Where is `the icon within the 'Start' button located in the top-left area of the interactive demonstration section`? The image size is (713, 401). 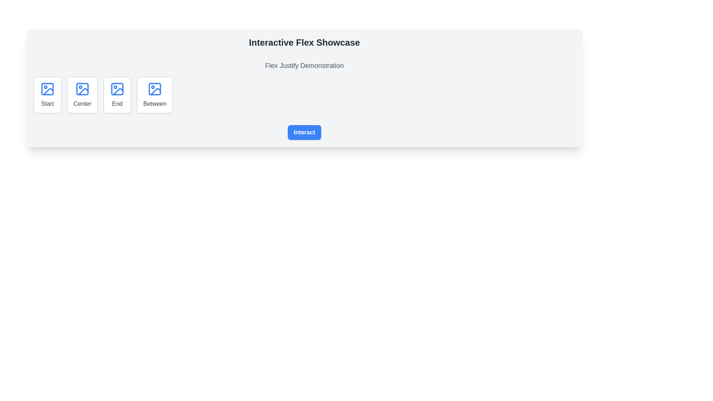 the icon within the 'Start' button located in the top-left area of the interactive demonstration section is located at coordinates (47, 88).